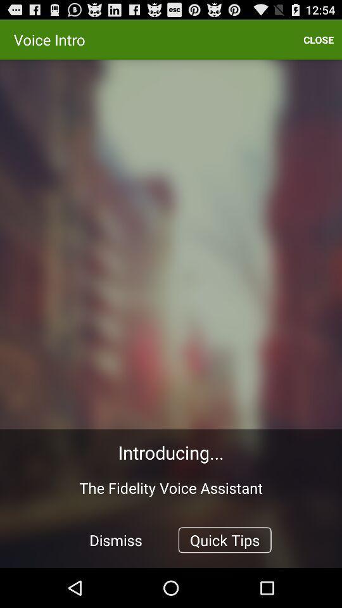  Describe the element at coordinates (116, 539) in the screenshot. I see `dismiss icon` at that location.